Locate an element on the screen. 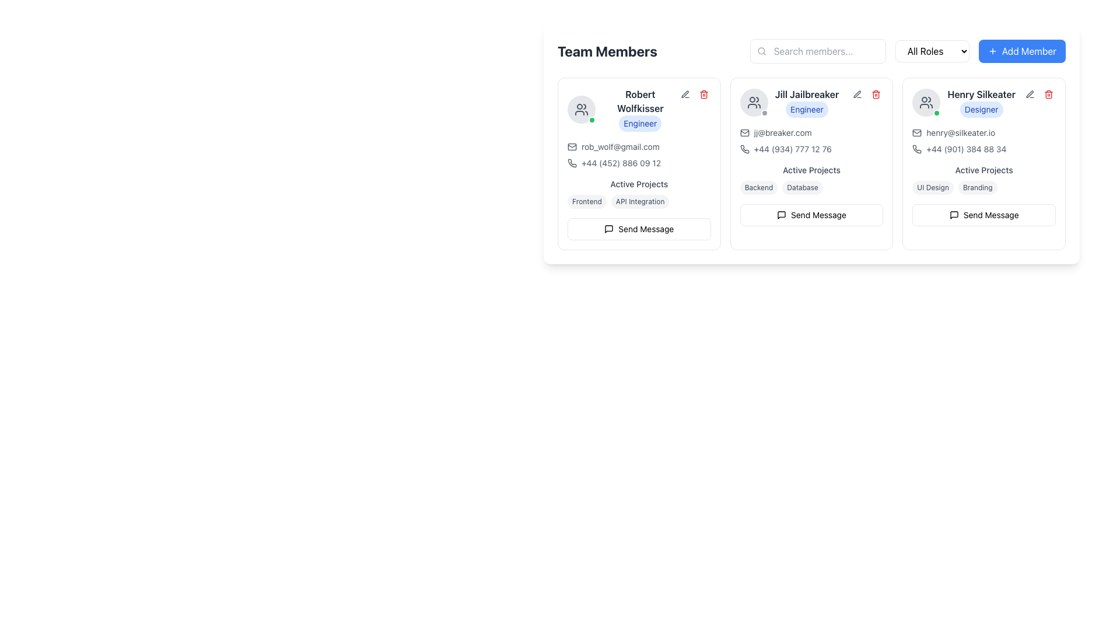 Image resolution: width=1120 pixels, height=630 pixels. the phone number text '+44 (452) 886 09 12' styled in grayish font, located under 'Robert Wolfkisser' and next to a phone icon is located at coordinates (621, 163).